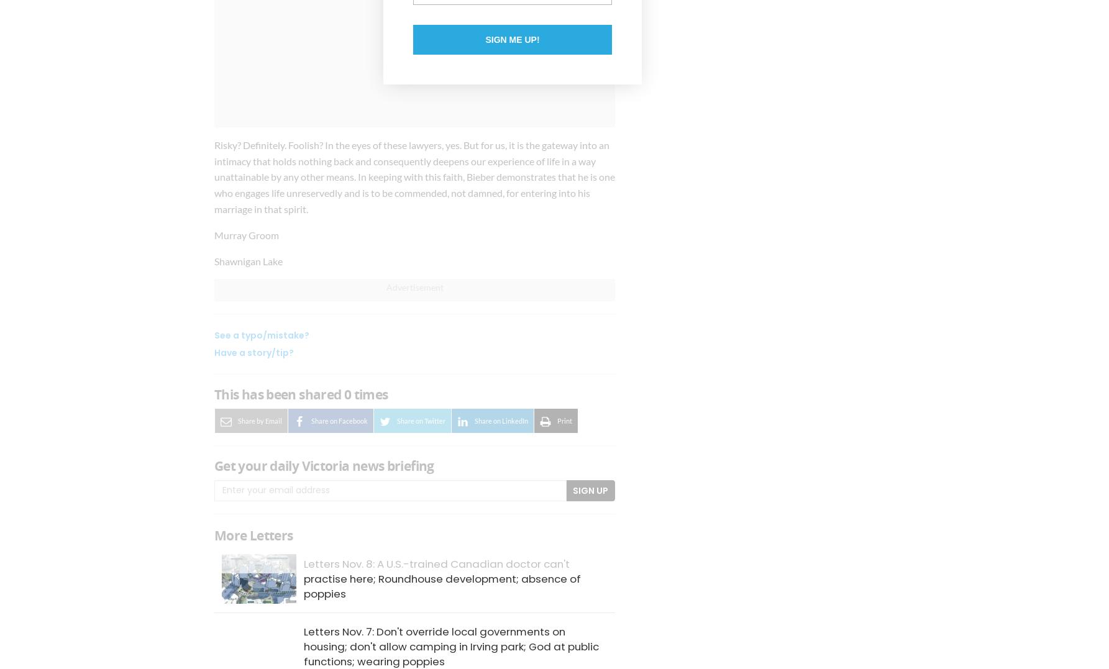  I want to click on 'More Letters', so click(253, 534).